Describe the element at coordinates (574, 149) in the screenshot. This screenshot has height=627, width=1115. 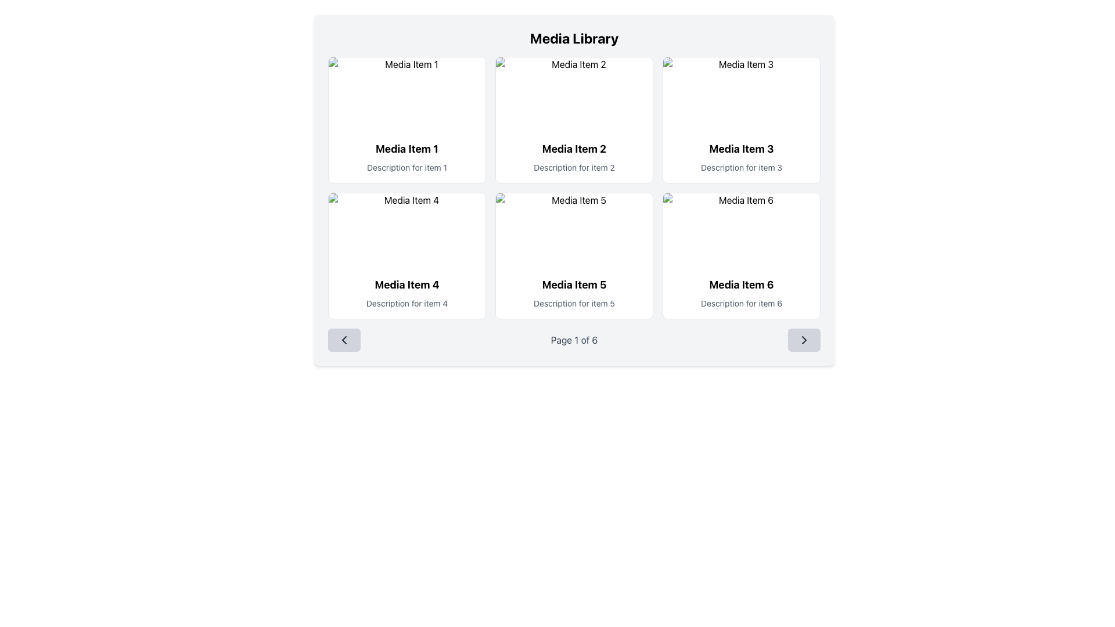
I see `text header located in the central column of the top row within a 3x2 grid, which serves as the title for the media card associated with 'Description for item 2'` at that location.